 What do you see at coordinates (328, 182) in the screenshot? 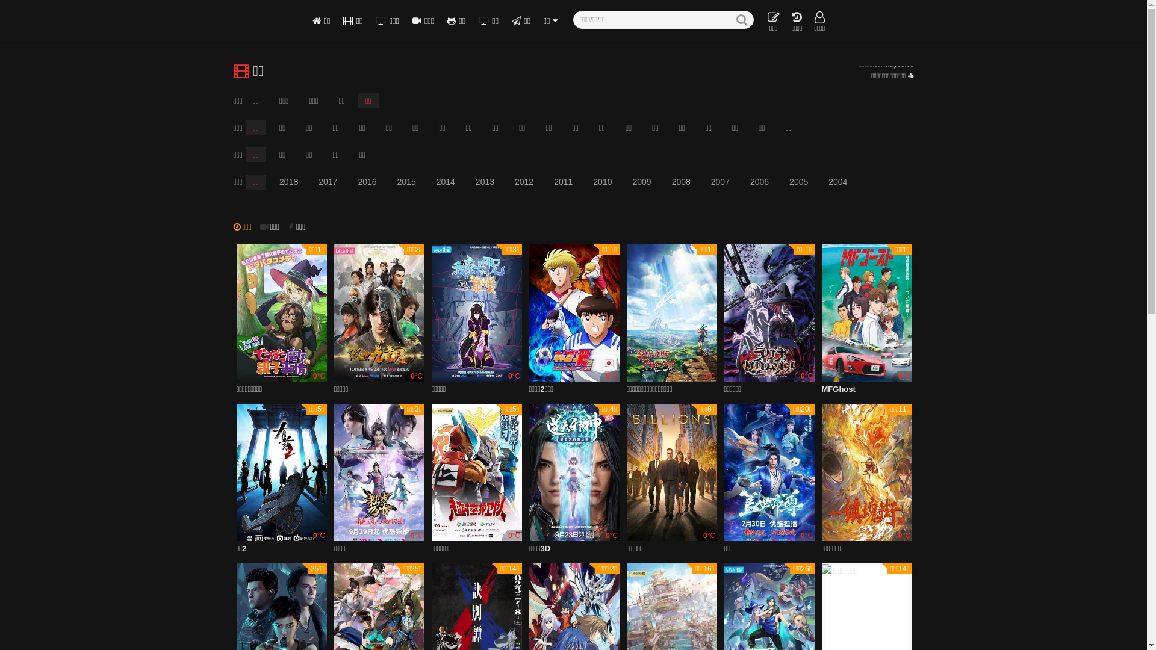
I see `'2017'` at bounding box center [328, 182].